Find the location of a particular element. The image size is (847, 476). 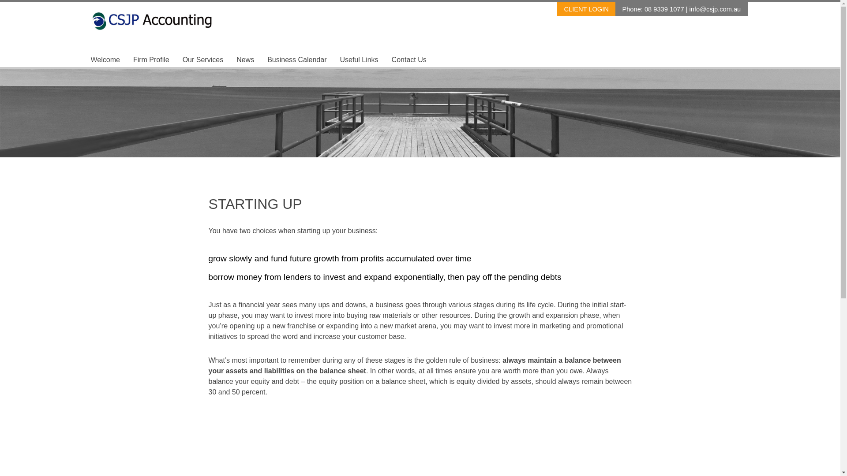

'CLIENT LOGIN' is located at coordinates (586, 9).